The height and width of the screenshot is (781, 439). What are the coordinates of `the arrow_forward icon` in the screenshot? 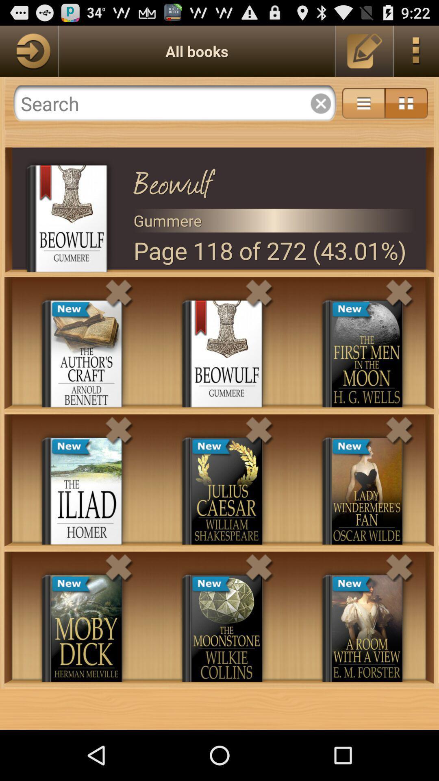 It's located at (28, 54).